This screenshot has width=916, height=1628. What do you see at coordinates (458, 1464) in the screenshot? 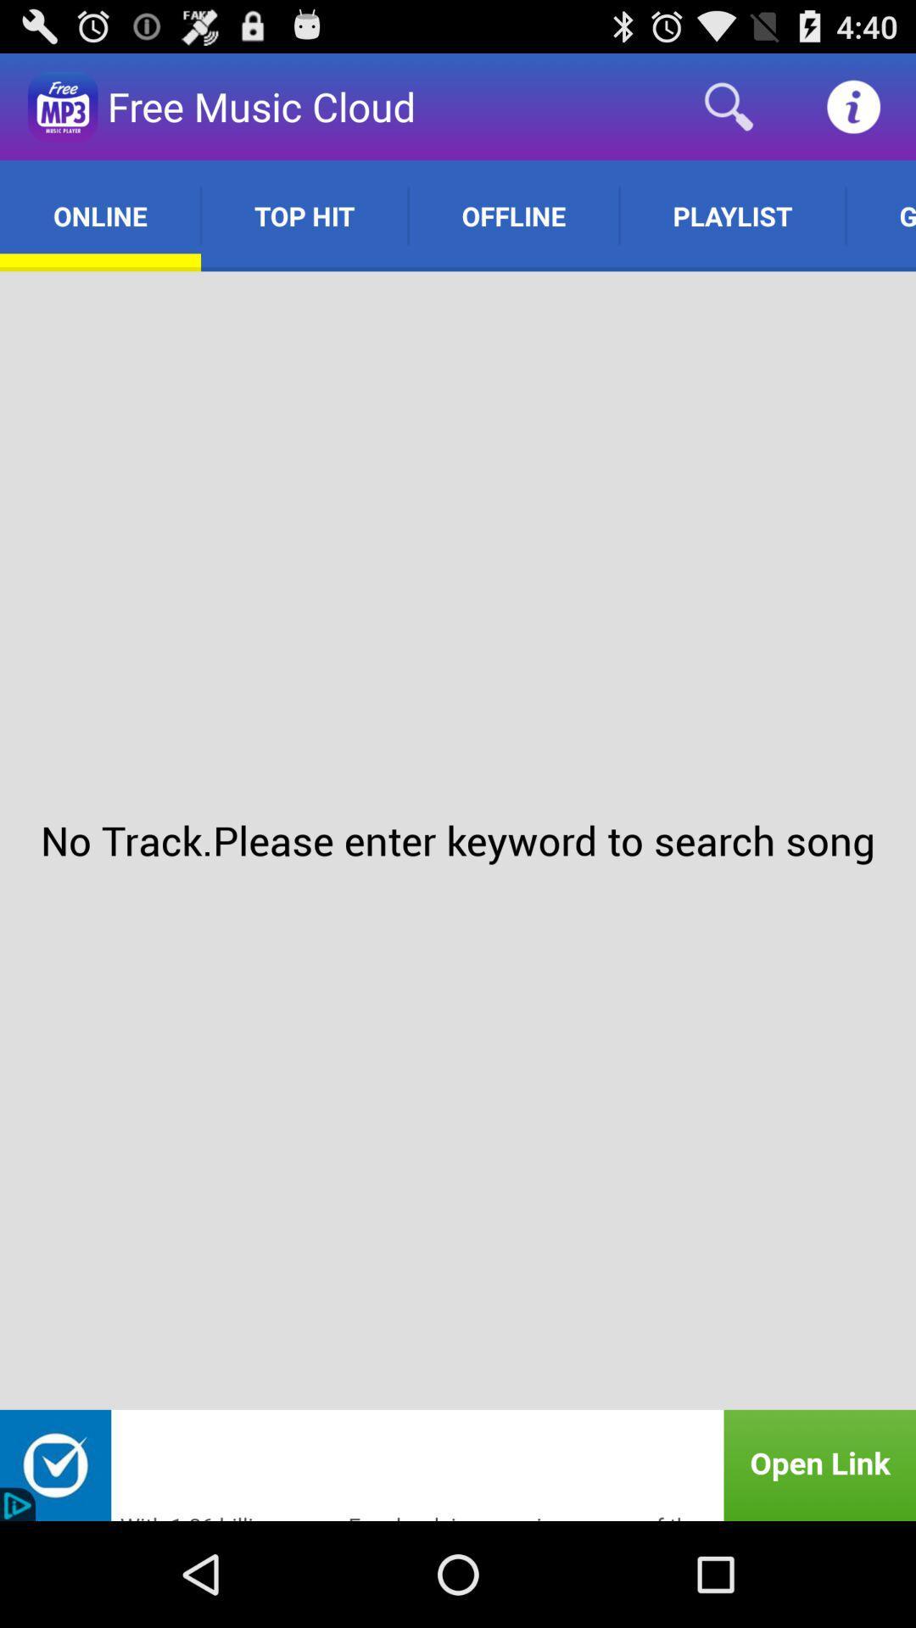
I see `advertisement` at bounding box center [458, 1464].